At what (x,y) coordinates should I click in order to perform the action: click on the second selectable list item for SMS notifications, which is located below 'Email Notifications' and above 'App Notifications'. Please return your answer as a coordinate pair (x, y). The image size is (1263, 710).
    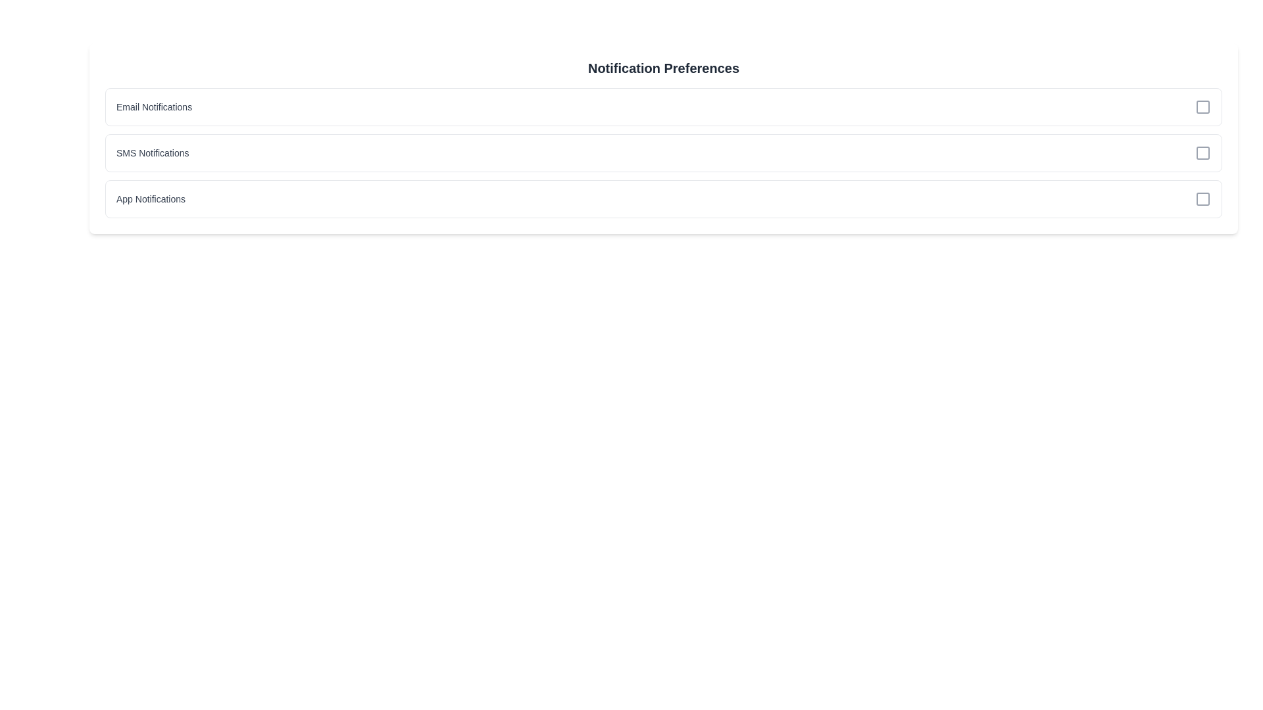
    Looking at the image, I should click on (663, 152).